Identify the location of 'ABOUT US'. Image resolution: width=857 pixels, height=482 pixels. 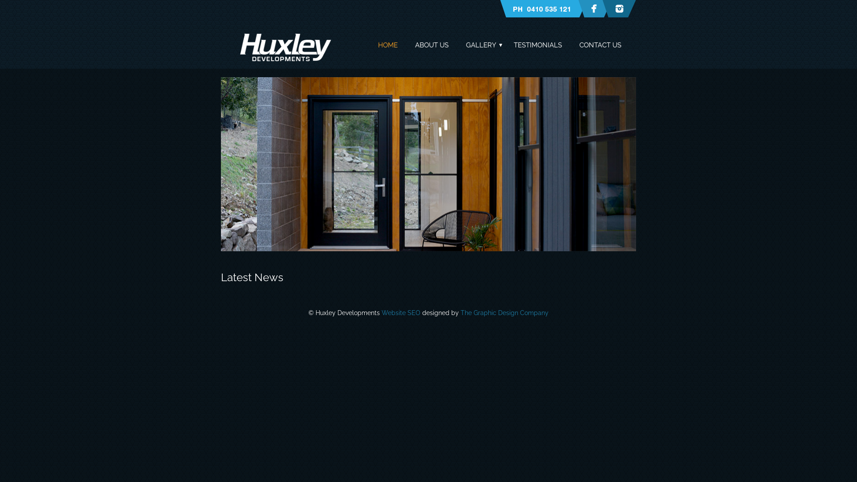
(432, 45).